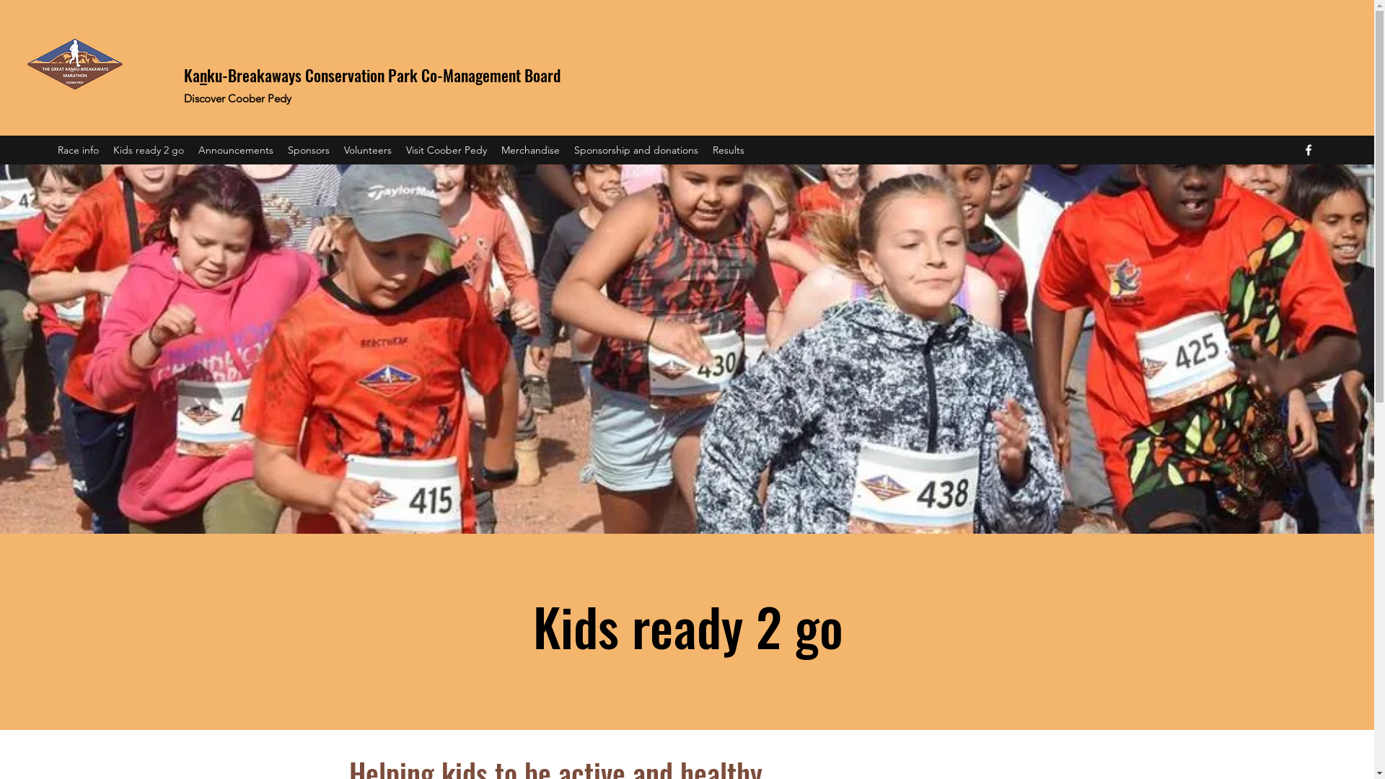  What do you see at coordinates (149, 150) in the screenshot?
I see `'Kids ready 2 go'` at bounding box center [149, 150].